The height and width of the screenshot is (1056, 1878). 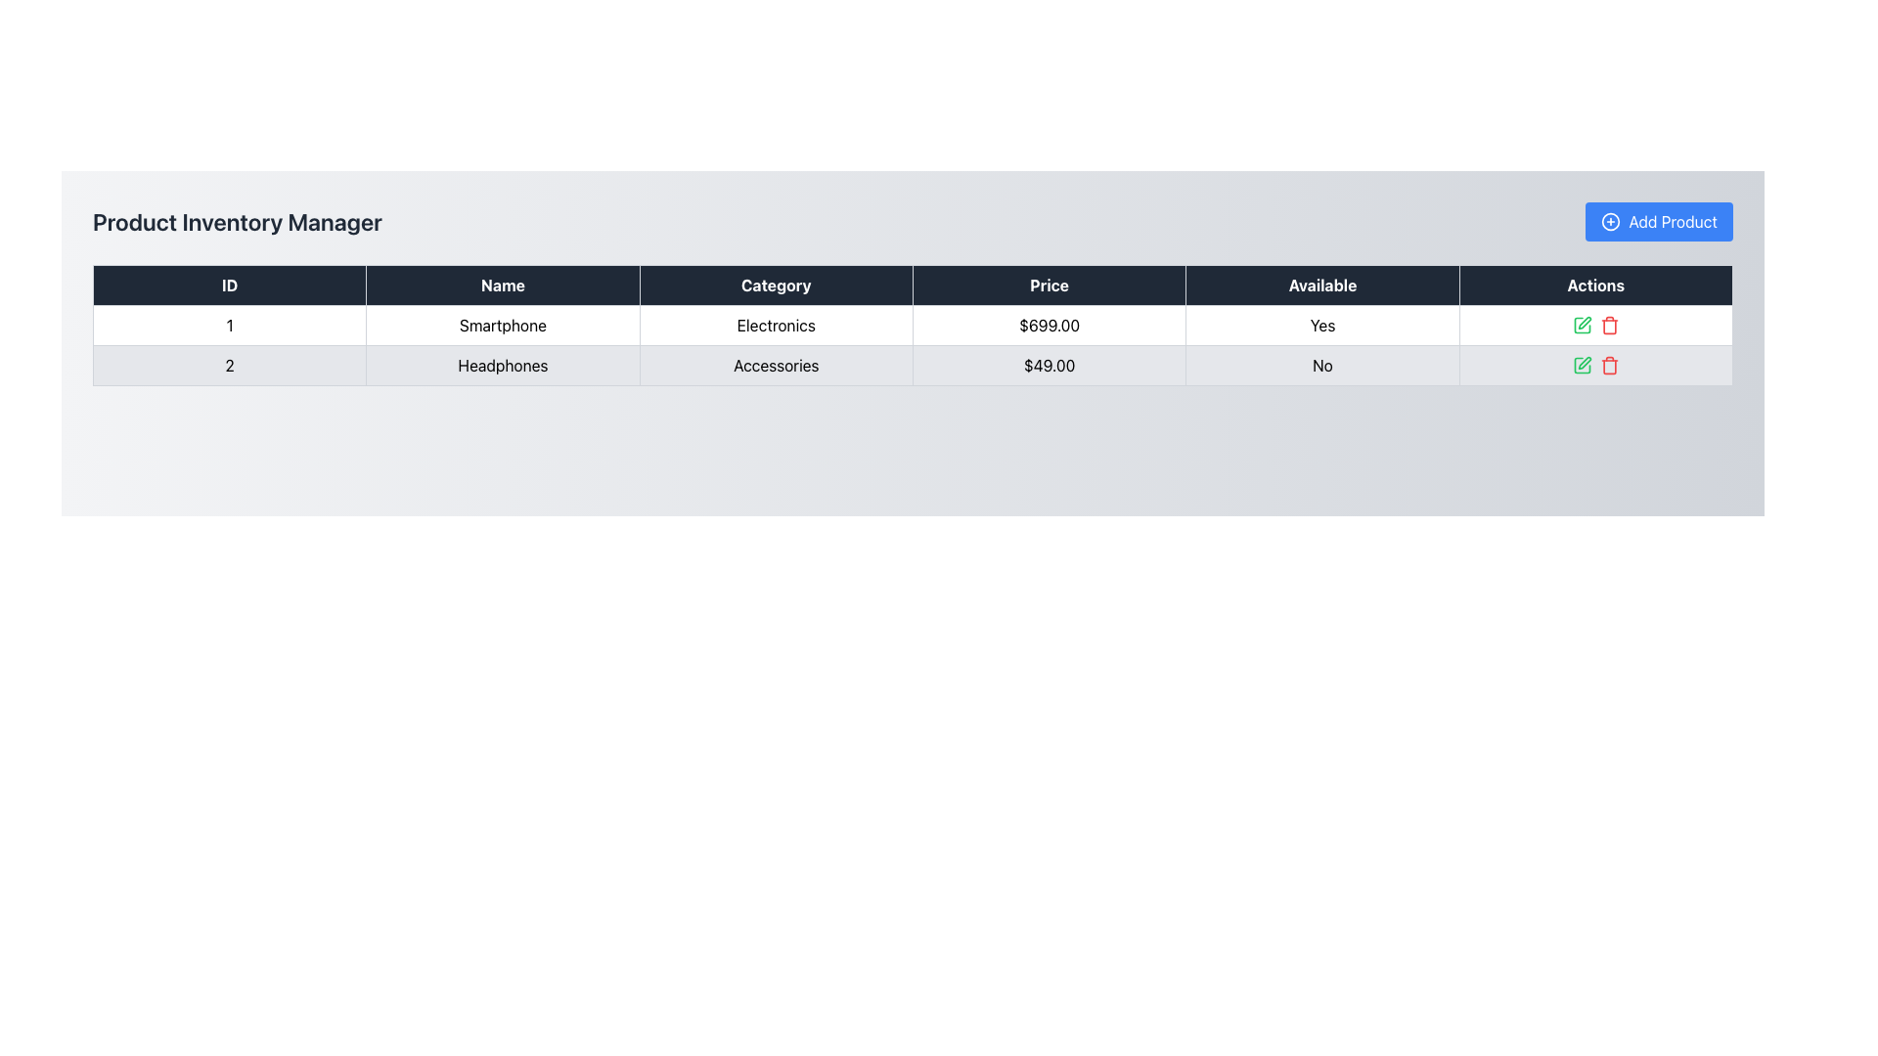 What do you see at coordinates (775, 366) in the screenshot?
I see `text from the 'Accessories' label in the third column of the row for 'Headphones' in the table` at bounding box center [775, 366].